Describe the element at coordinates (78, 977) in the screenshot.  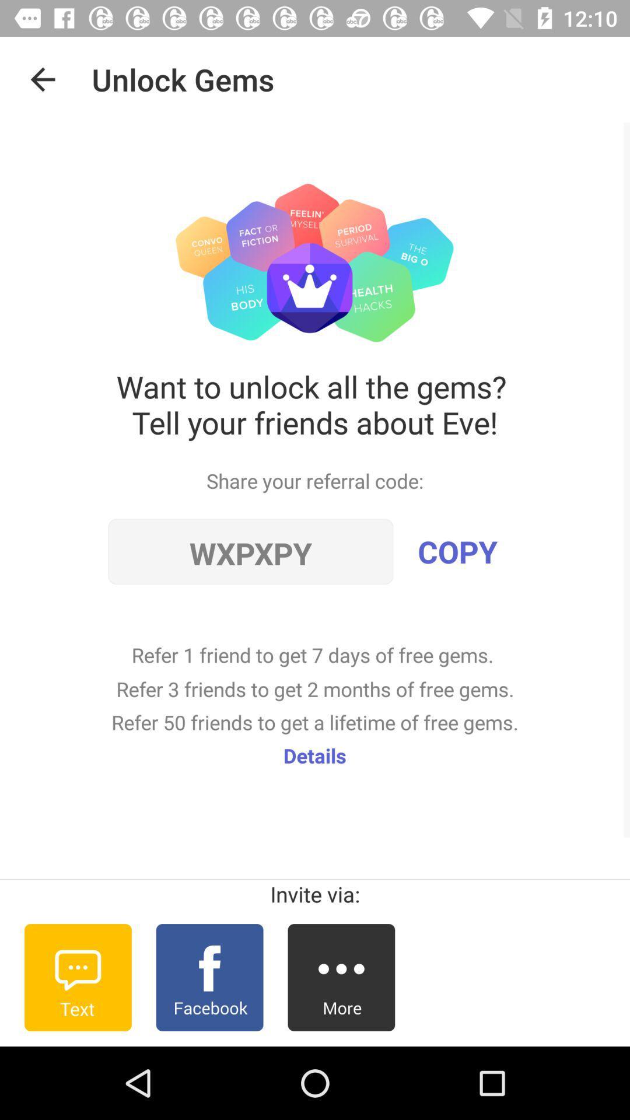
I see `invite via text message` at that location.